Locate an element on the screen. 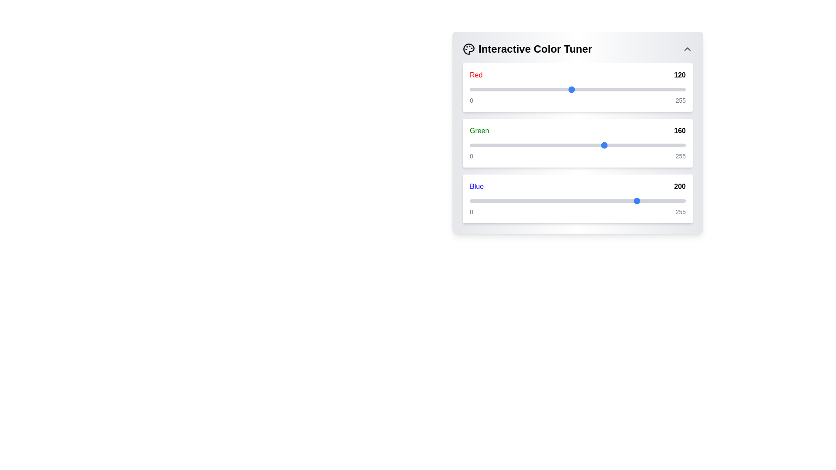 This screenshot has height=470, width=836. numeric labels '0' and '255' displayed in gray font below the blue slider for reference is located at coordinates (577, 211).